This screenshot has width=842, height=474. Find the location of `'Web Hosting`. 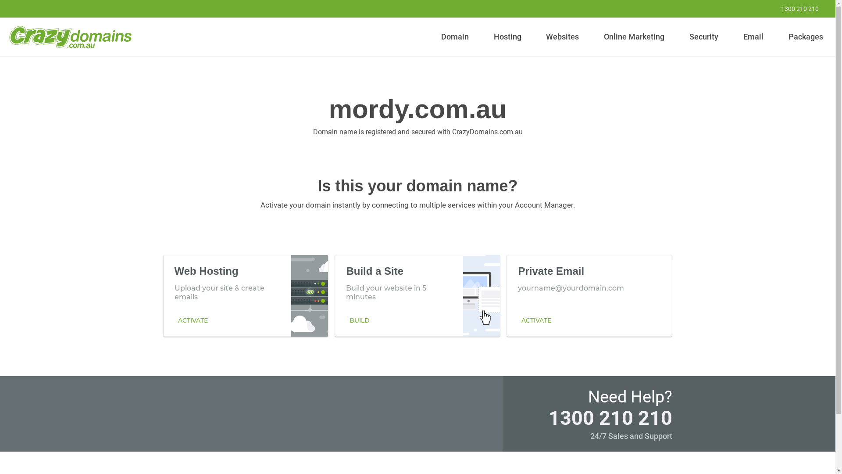

'Web Hosting is located at coordinates (246, 295).